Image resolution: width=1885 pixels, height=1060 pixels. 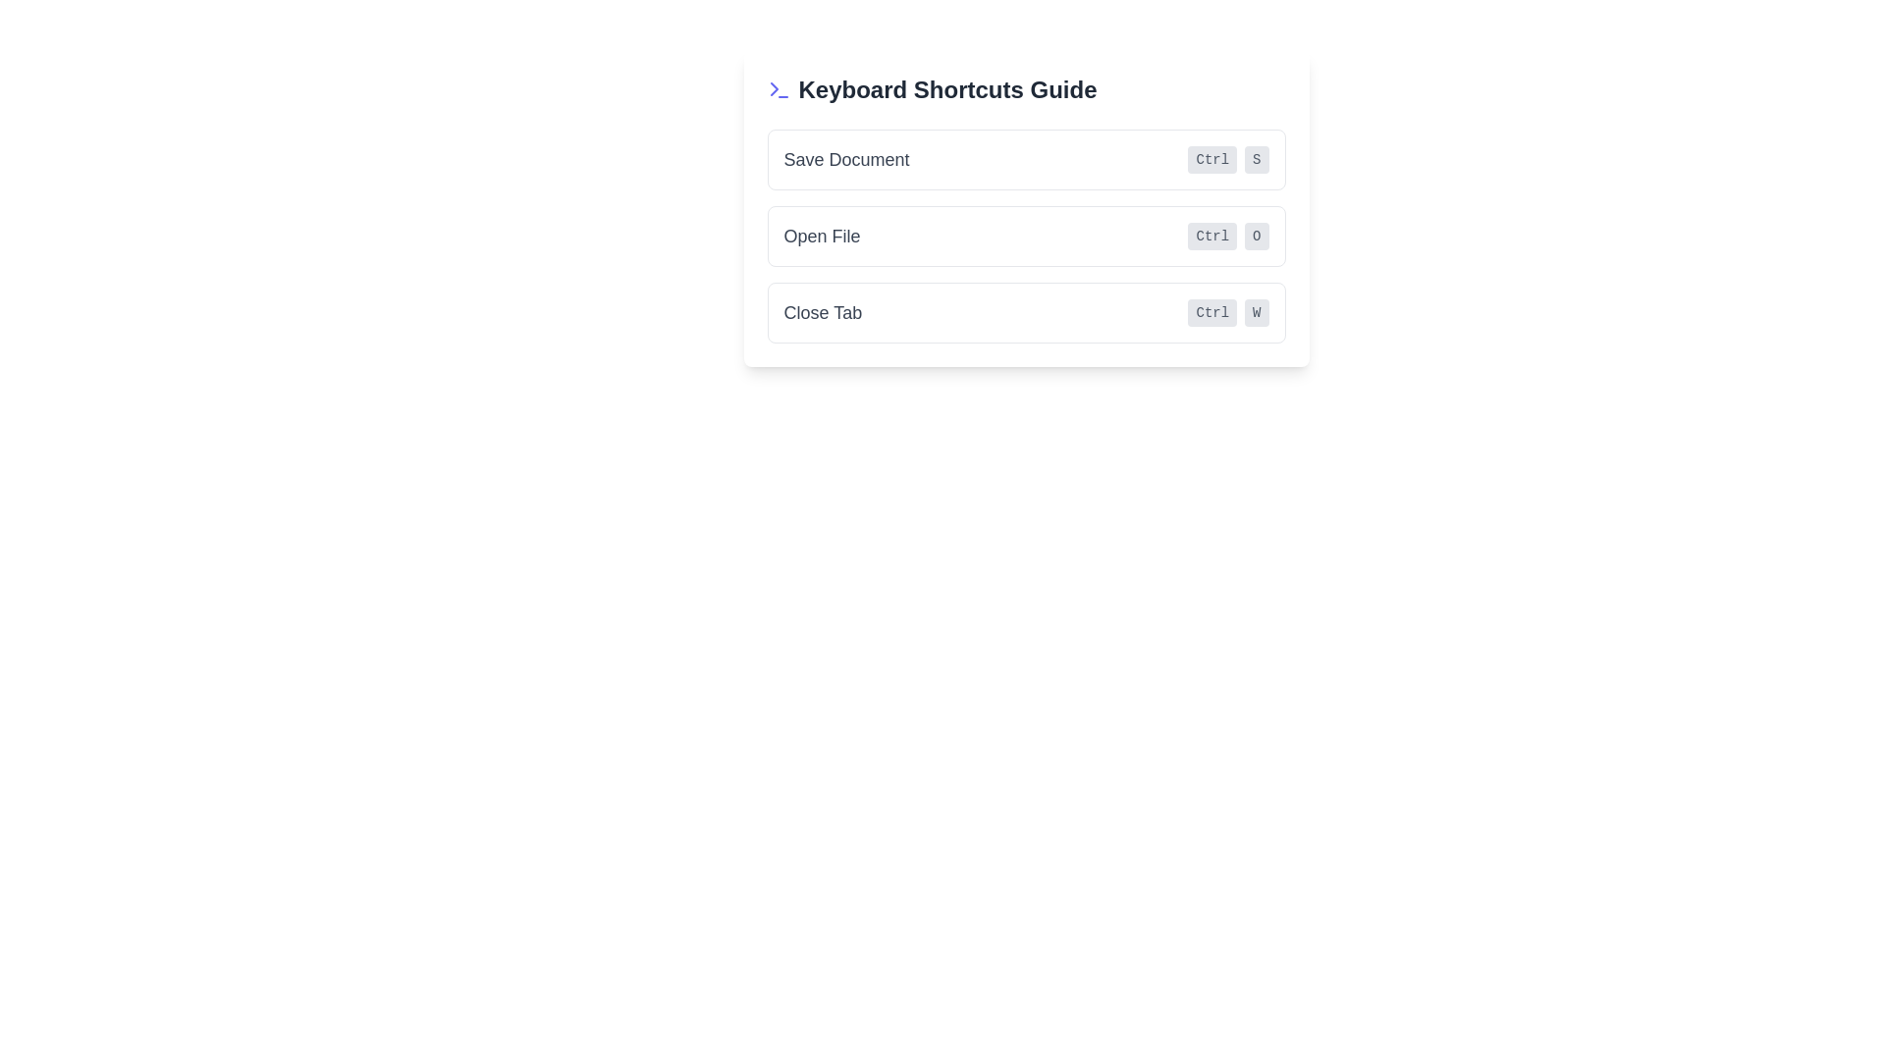 What do you see at coordinates (1025, 235) in the screenshot?
I see `the keyboard shortcut entry for 'Open File', which is the second item in the vertical list of shortcut commands` at bounding box center [1025, 235].